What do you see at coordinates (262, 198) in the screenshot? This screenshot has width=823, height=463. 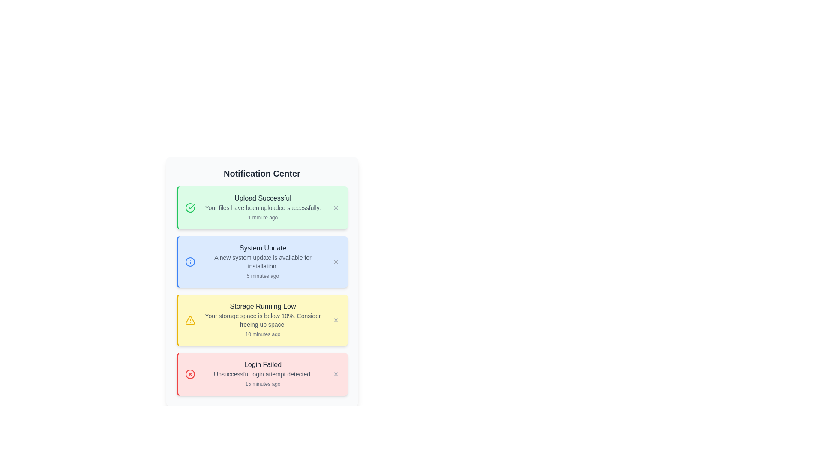 I see `text label that displays 'Upload Successful' at the top of the notification card` at bounding box center [262, 198].